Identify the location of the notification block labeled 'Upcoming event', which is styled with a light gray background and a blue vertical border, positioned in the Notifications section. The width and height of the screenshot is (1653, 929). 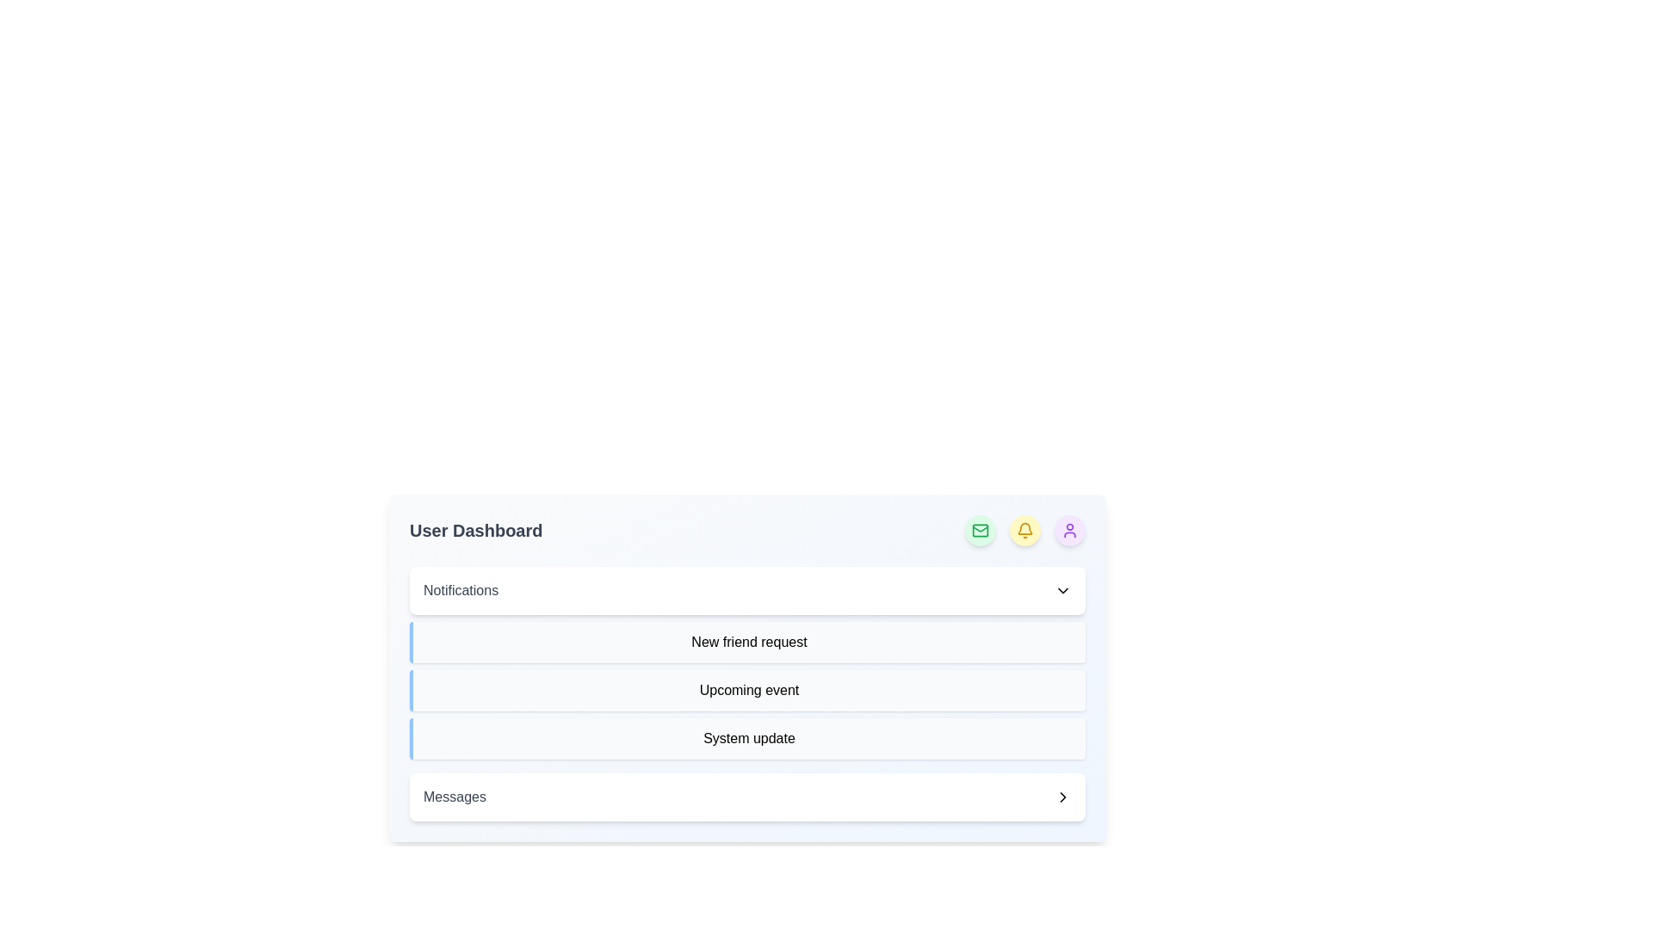
(747, 689).